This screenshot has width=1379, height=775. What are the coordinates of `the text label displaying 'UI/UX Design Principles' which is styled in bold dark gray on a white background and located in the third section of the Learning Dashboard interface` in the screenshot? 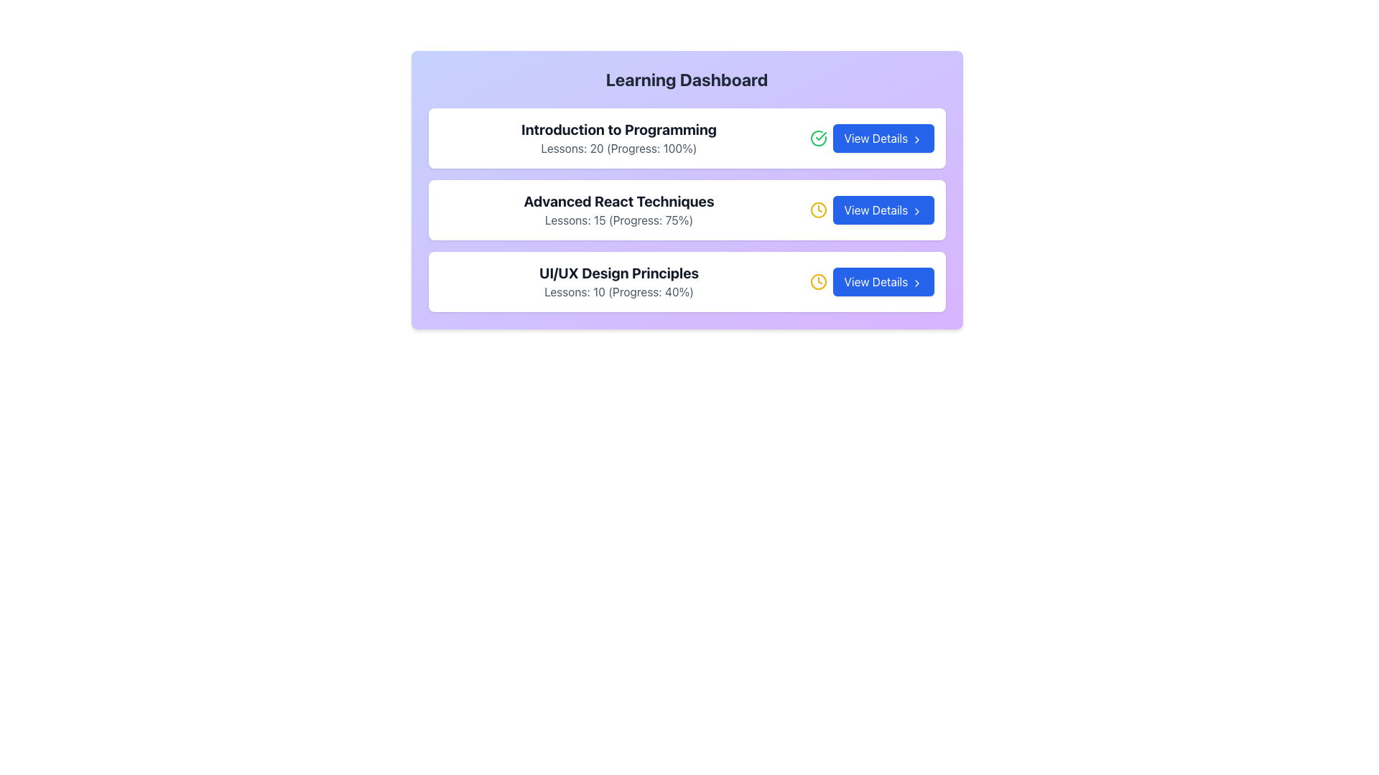 It's located at (619, 273).